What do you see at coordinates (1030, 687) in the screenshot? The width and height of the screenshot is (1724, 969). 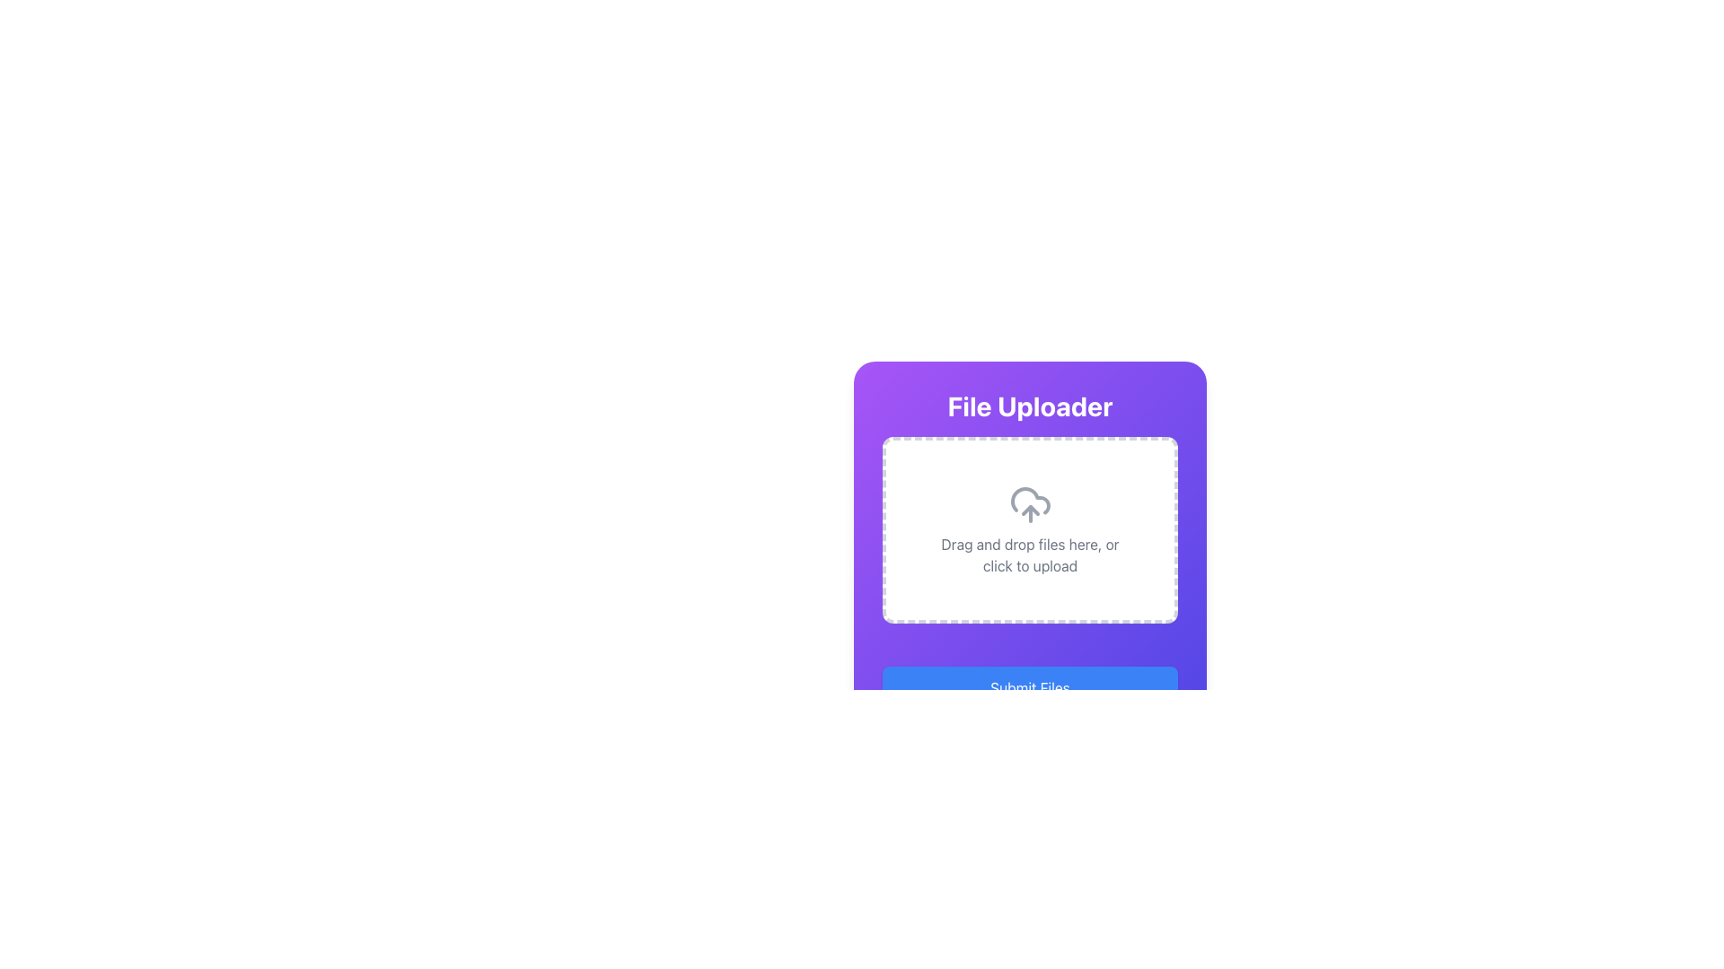 I see `the rectangular blue button with white text that reads 'Submit Files'` at bounding box center [1030, 687].